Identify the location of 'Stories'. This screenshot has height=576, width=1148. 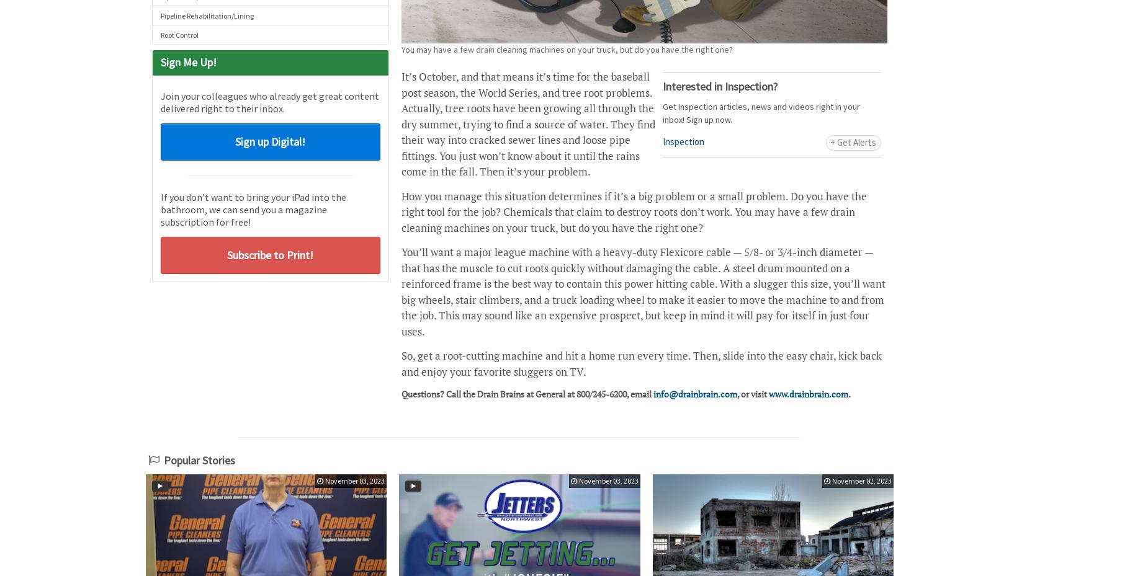
(218, 460).